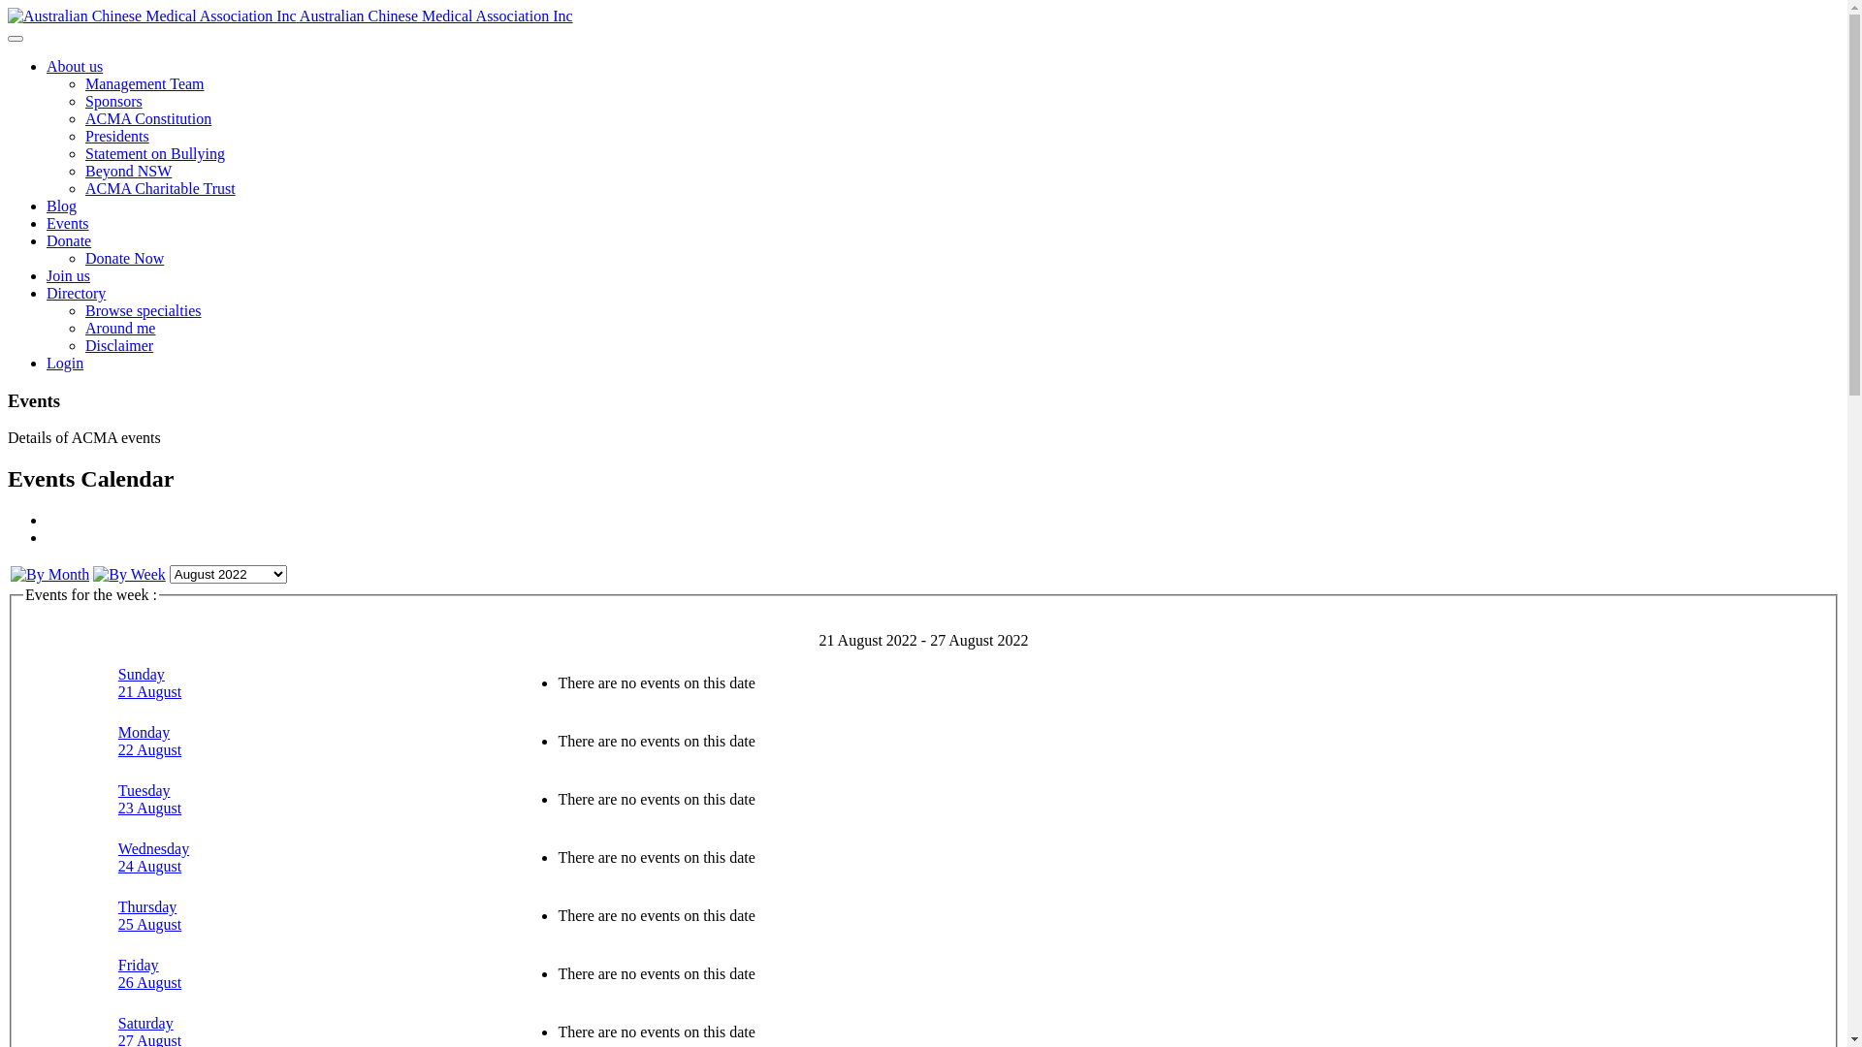 This screenshot has height=1047, width=1862. I want to click on 'Blog', so click(61, 206).